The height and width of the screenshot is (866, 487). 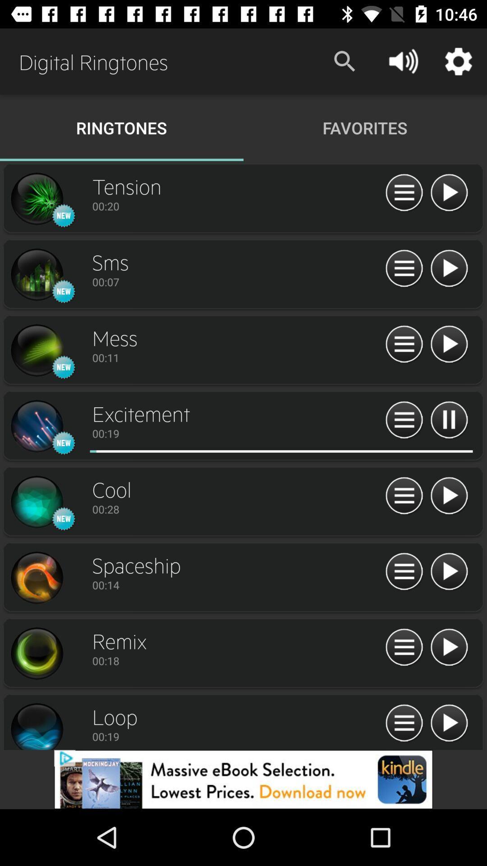 What do you see at coordinates (449, 496) in the screenshot?
I see `ringtone` at bounding box center [449, 496].